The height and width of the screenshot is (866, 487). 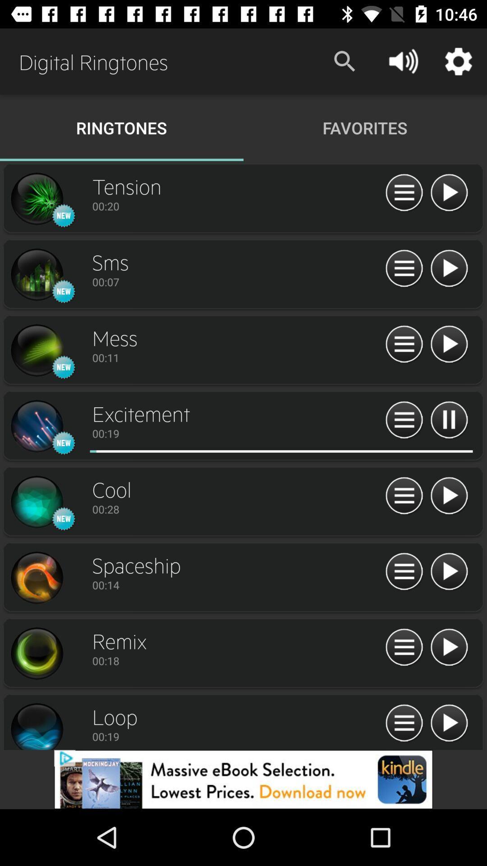 What do you see at coordinates (449, 496) in the screenshot?
I see `ringtone` at bounding box center [449, 496].